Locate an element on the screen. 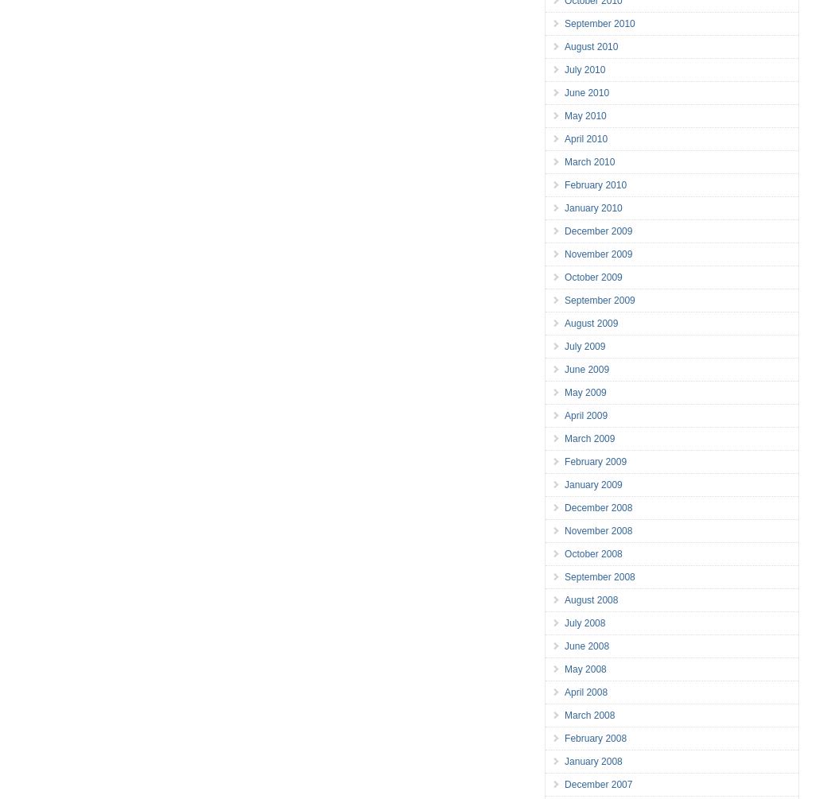 The image size is (835, 799). 'July 2008' is located at coordinates (584, 623).